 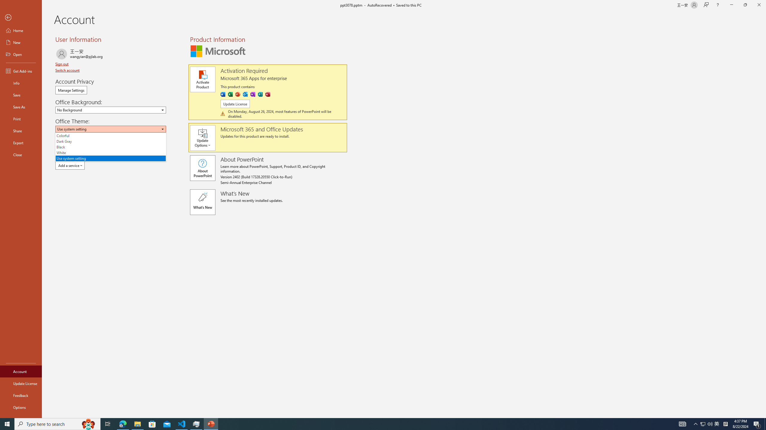 I want to click on 'Notification Chevron', so click(x=695, y=423).